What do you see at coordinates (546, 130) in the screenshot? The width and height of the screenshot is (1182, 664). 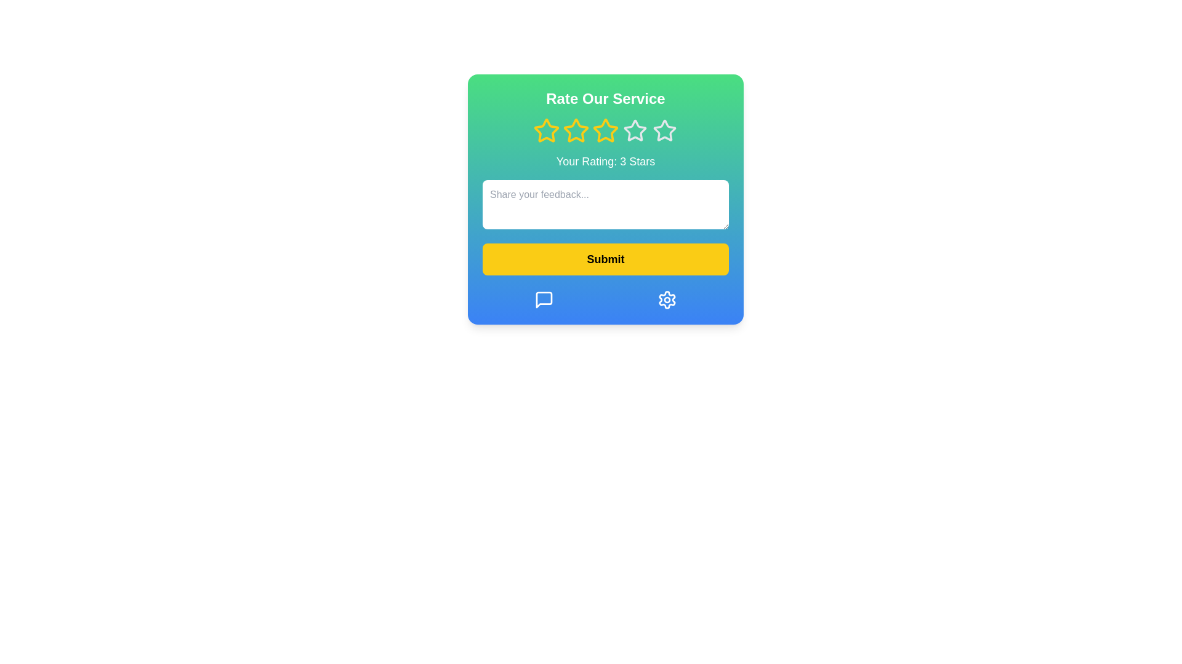 I see `the first star in the five-star rating system` at bounding box center [546, 130].